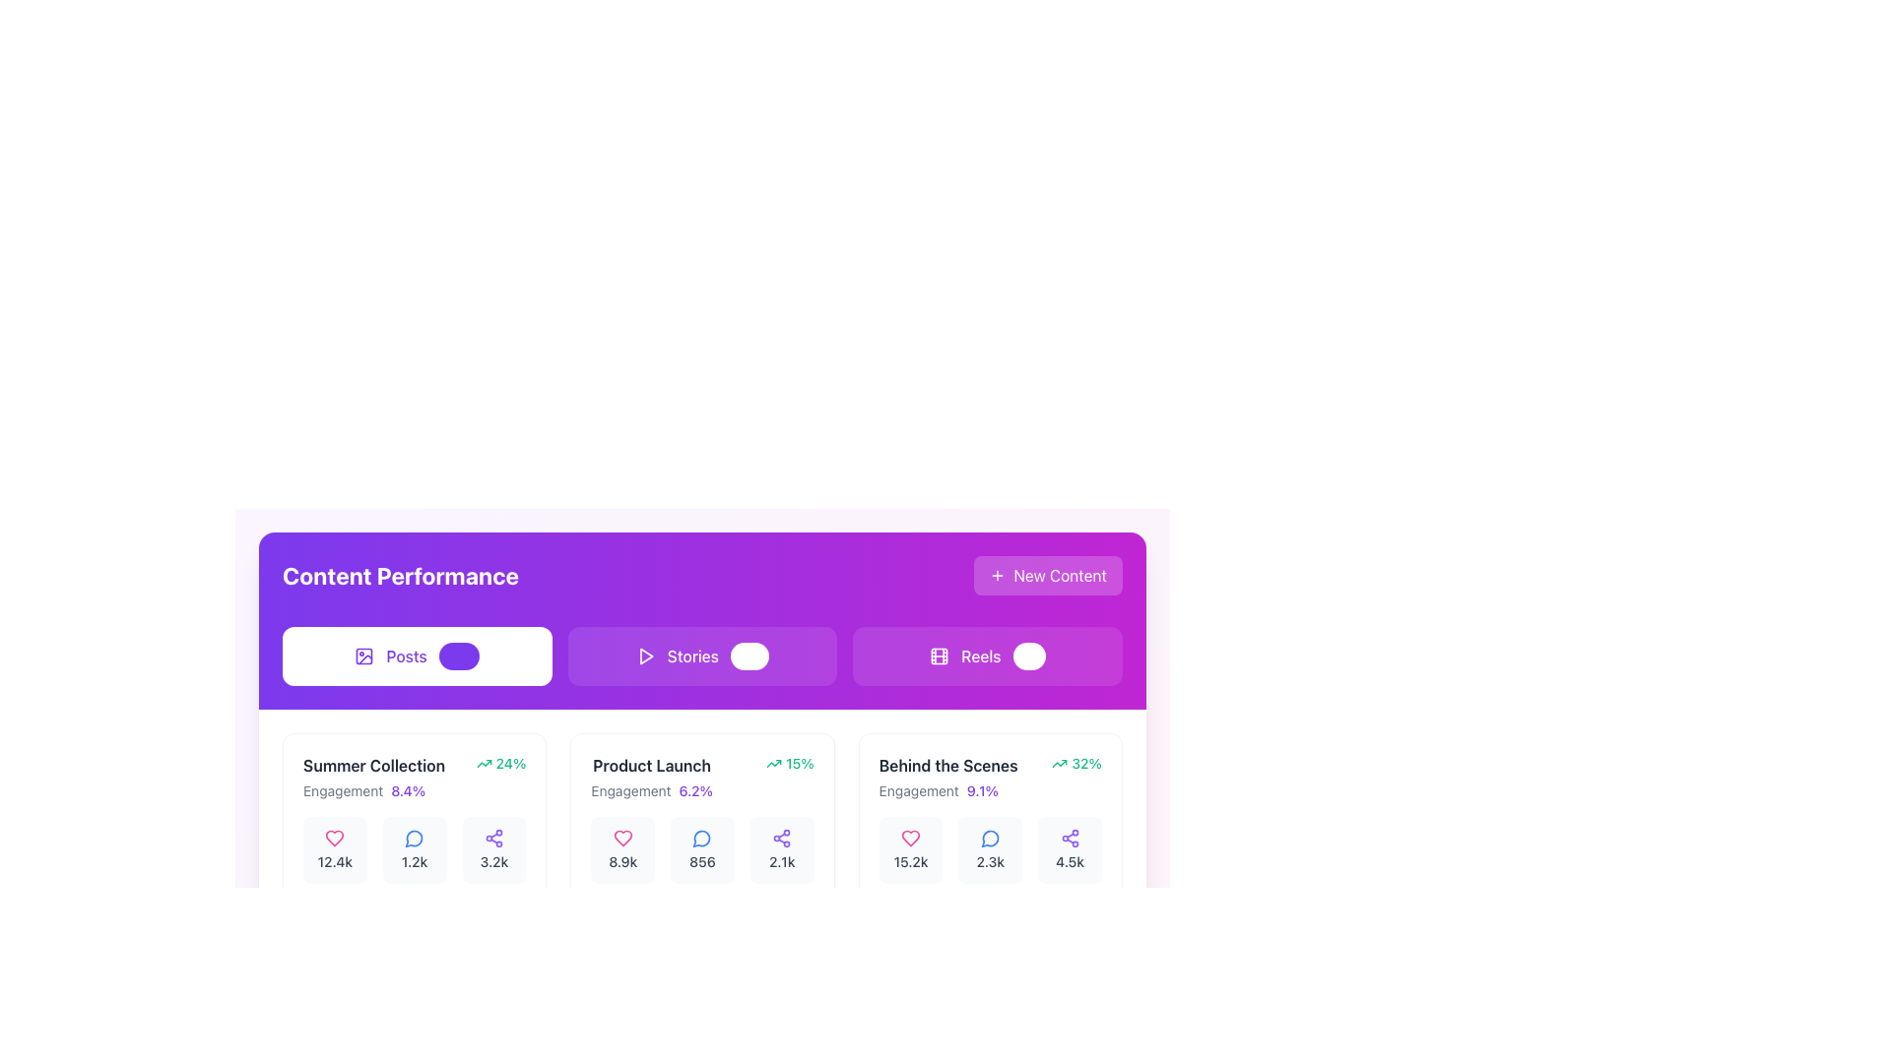 The width and height of the screenshot is (1891, 1063). Describe the element at coordinates (621, 849) in the screenshot. I see `the Metric display element showing '8.9k' beneath the heart icon, located in the middle column of the grid layout` at that location.